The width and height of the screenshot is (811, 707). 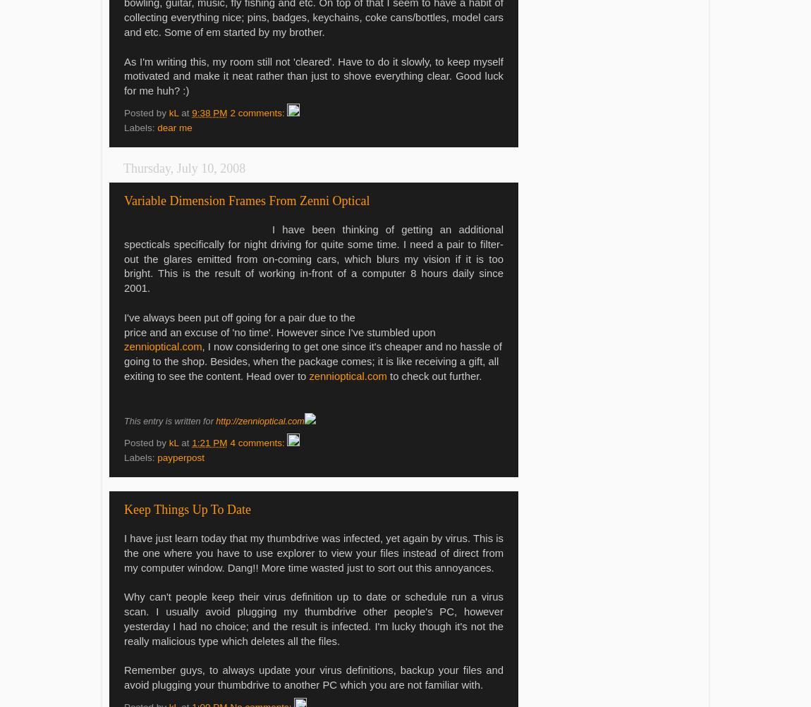 I want to click on ', I now considering to get one since it's cheaper and no hassle of going to the shop. Besides, when the package comes; it is like receiving a gift, all exiting to see the content. Head over to', so click(x=312, y=360).